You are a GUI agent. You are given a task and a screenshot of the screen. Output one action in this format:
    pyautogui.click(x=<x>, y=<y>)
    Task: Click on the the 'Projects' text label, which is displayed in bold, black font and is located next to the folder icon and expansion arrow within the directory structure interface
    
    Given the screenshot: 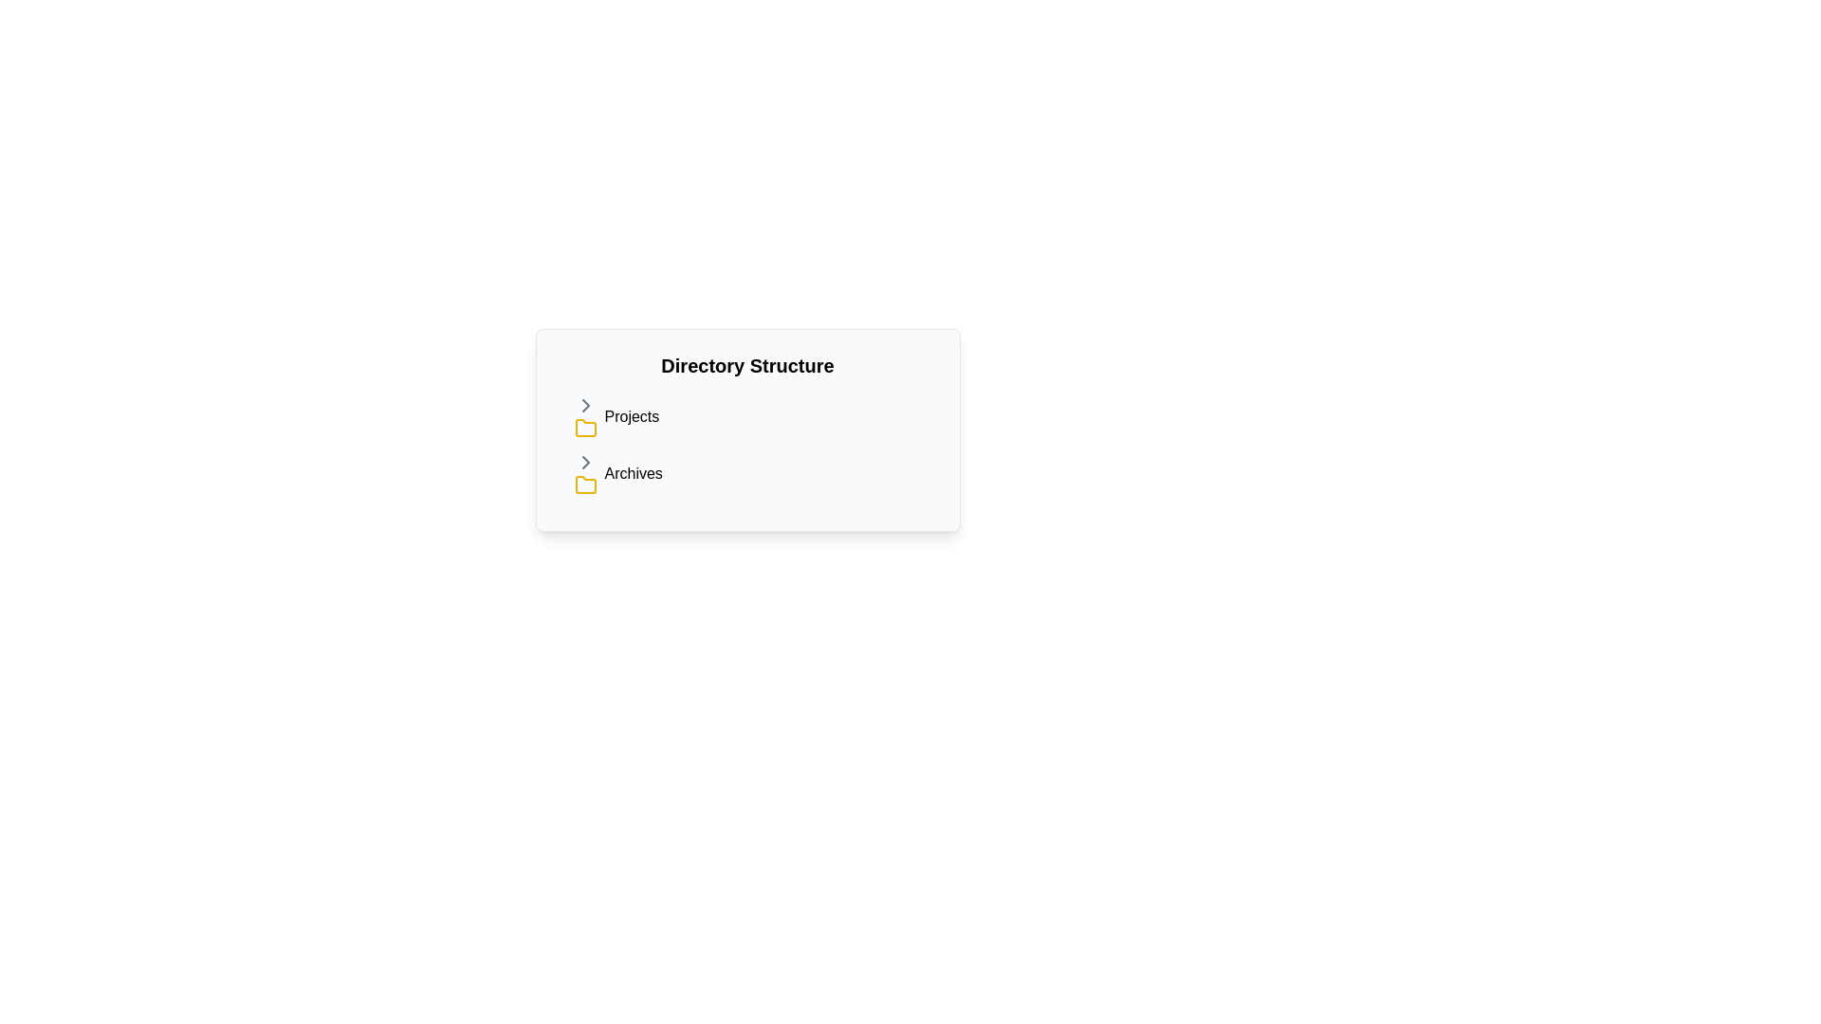 What is the action you would take?
    pyautogui.click(x=632, y=415)
    